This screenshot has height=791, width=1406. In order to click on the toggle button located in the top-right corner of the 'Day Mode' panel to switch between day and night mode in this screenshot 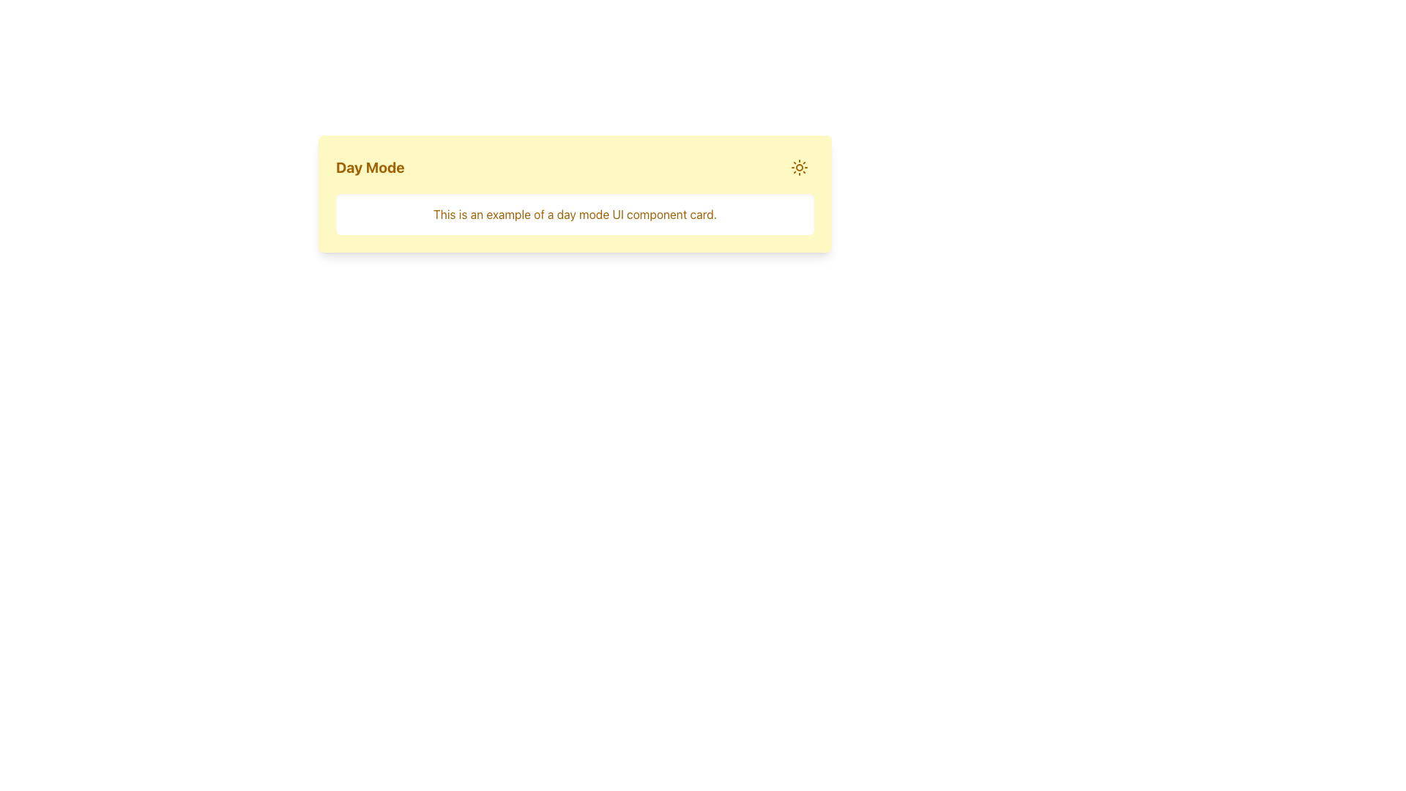, I will do `click(798, 166)`.